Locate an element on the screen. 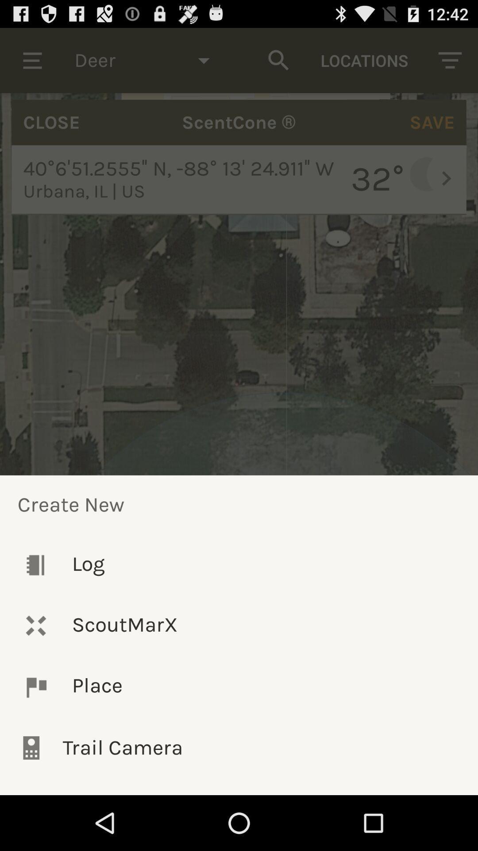 The image size is (478, 851). log icon is located at coordinates (239, 564).